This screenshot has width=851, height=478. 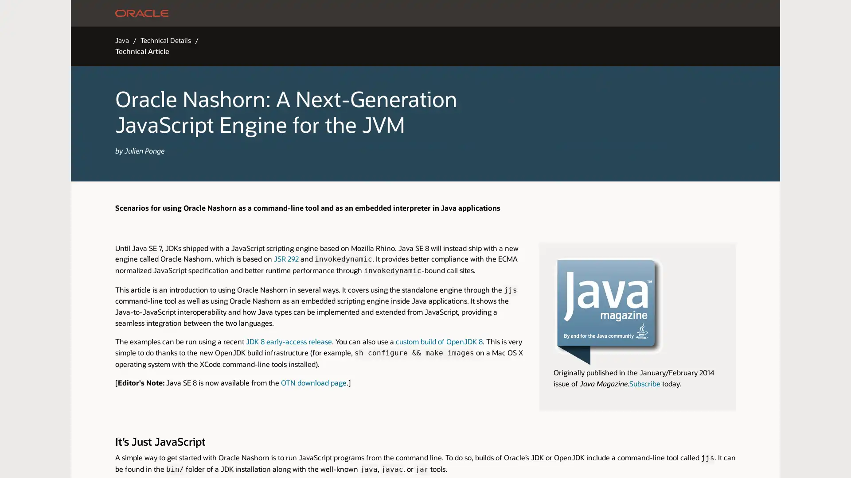 What do you see at coordinates (412, 13) in the screenshot?
I see `Partners` at bounding box center [412, 13].